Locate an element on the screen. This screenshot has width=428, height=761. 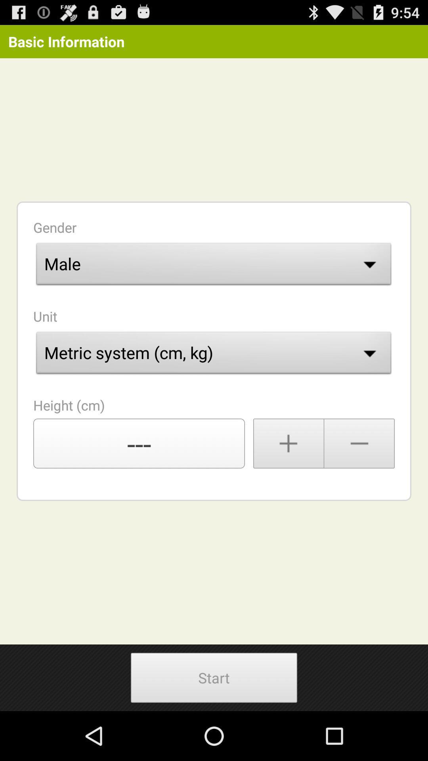
the item above start is located at coordinates (139, 443).